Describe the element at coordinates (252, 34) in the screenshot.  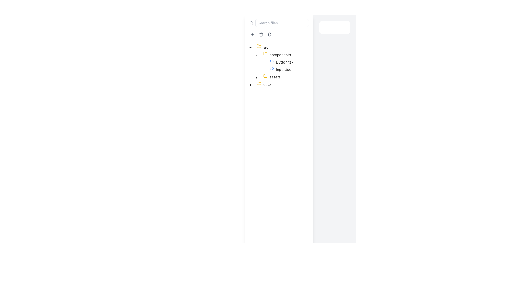
I see `the plus icon button located in the upper section of the file explorer interface` at that location.